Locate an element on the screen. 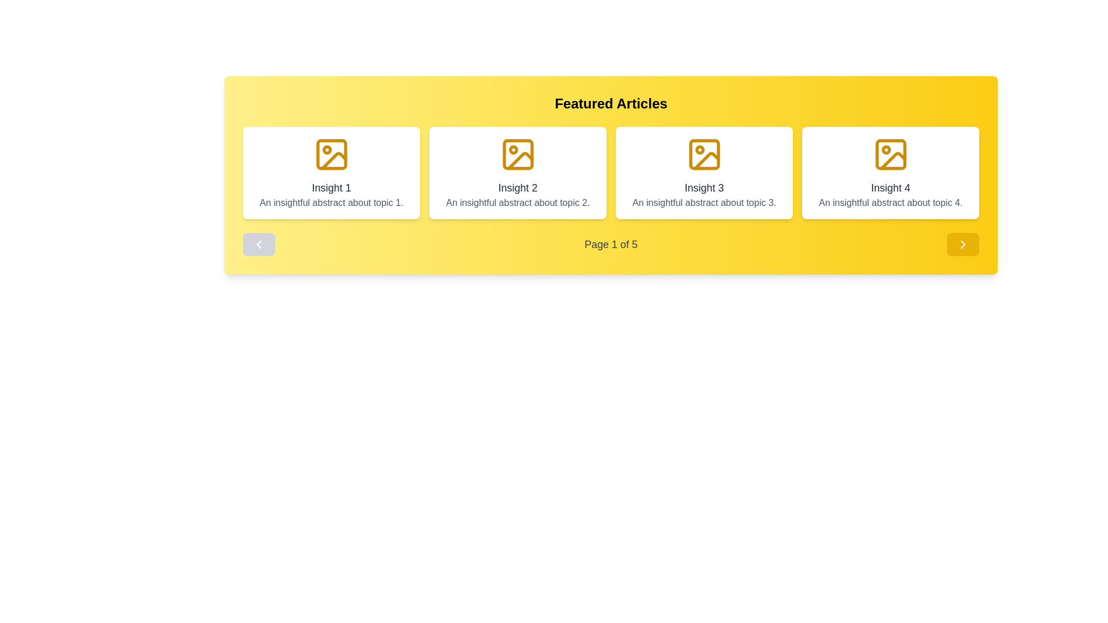 The height and width of the screenshot is (623, 1108). the thematic SVG icon representing the article titled 'Insight 4', located in the uppermost position of the fourth card in the 'Featured Articles' section is located at coordinates (890, 153).